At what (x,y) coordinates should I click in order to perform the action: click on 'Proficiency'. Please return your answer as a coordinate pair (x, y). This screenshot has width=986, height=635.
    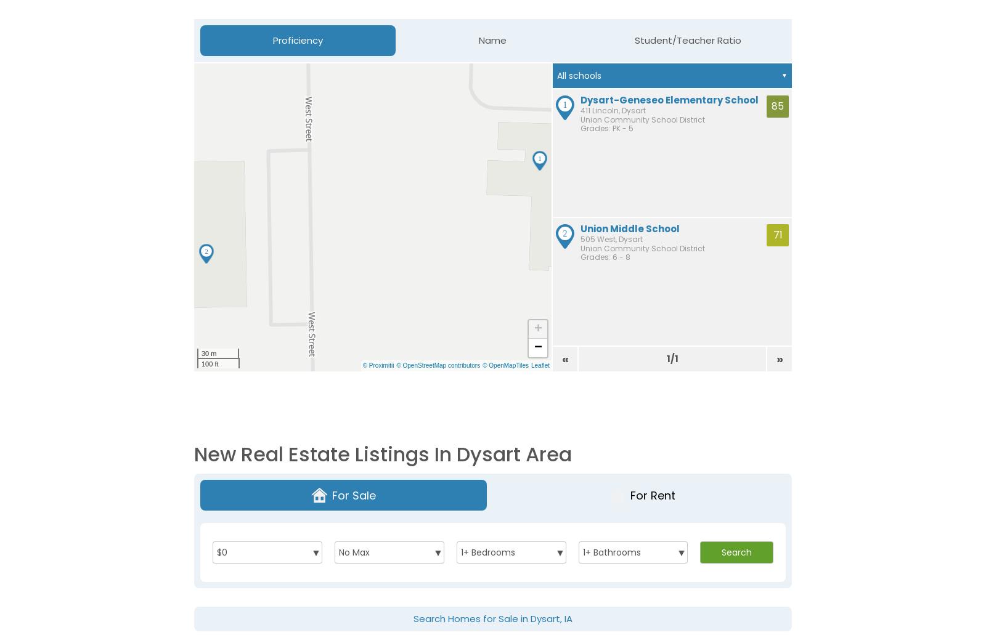
    Looking at the image, I should click on (296, 39).